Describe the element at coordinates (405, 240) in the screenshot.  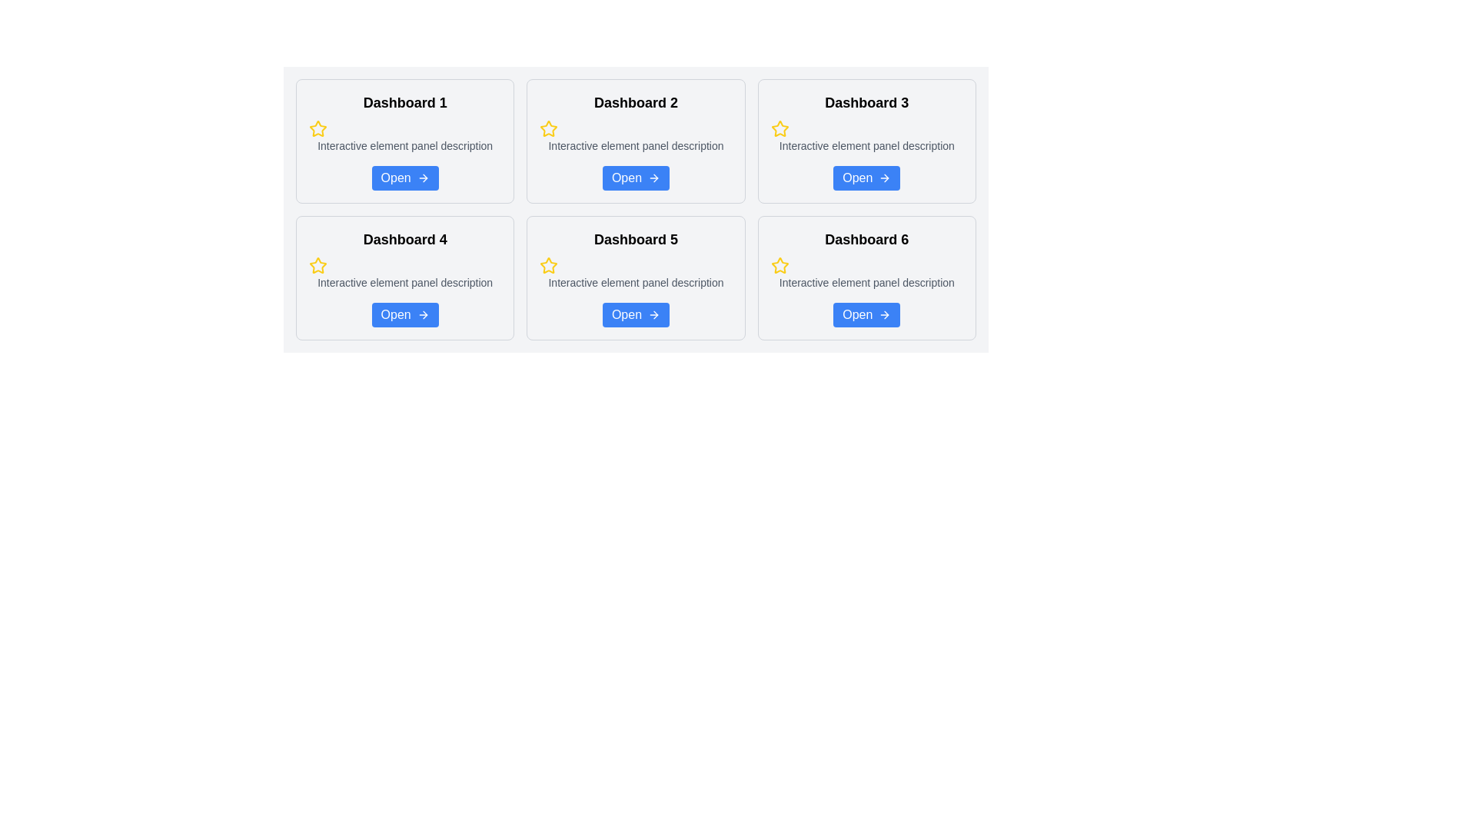
I see `the bold text label 'Dashboard 4'` at that location.